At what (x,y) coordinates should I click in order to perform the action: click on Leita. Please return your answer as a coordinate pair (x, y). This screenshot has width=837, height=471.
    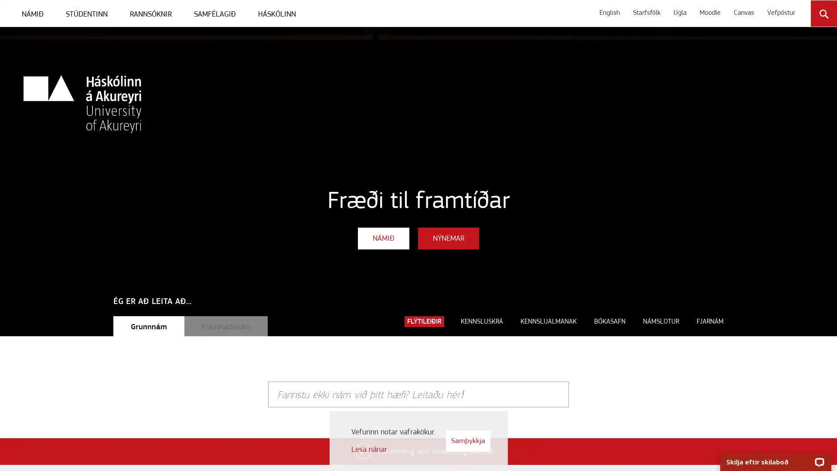
    Looking at the image, I should click on (598, 71).